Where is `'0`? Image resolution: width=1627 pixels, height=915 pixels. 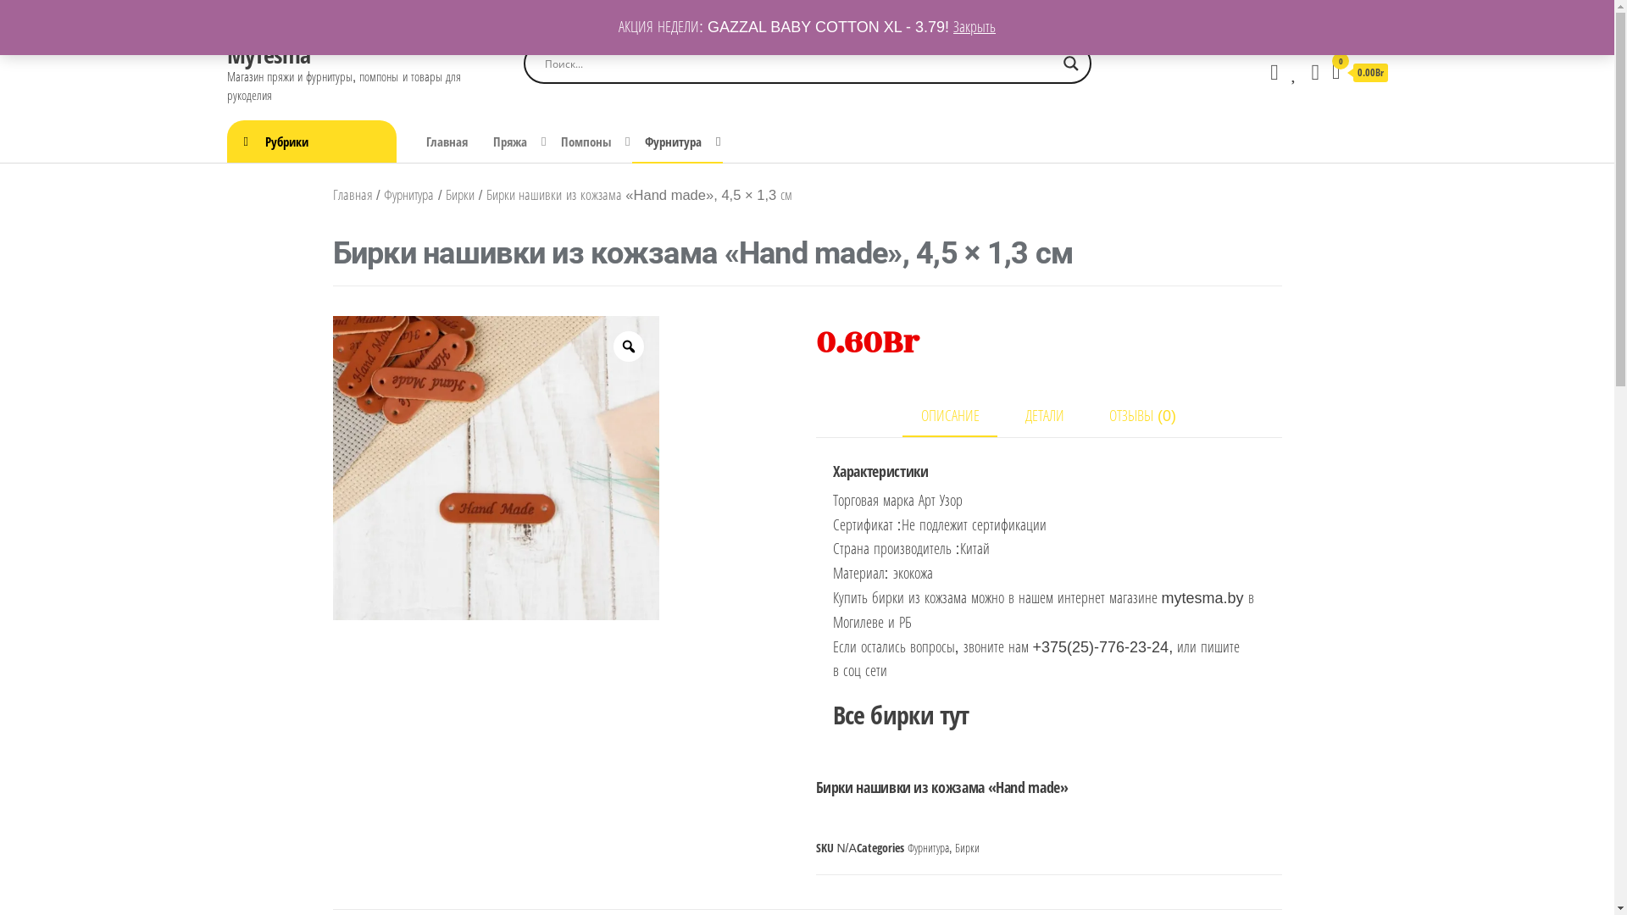 '0 is located at coordinates (1359, 73).